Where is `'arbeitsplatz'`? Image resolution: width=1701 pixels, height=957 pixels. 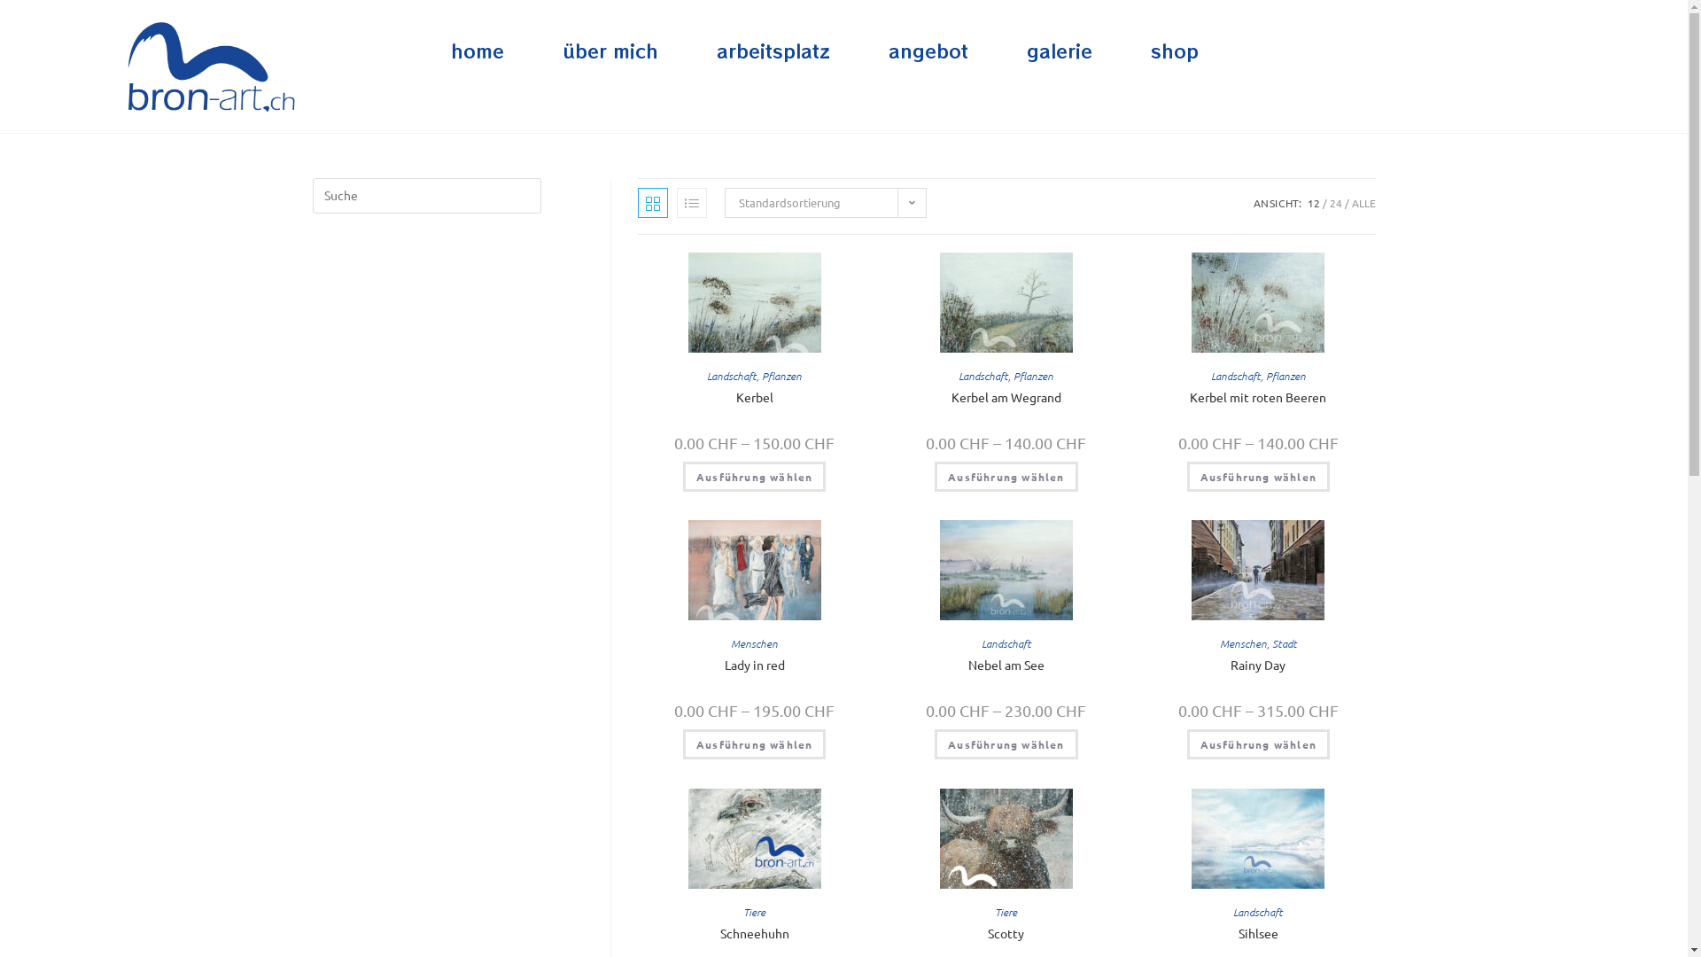 'arbeitsplatz' is located at coordinates (773, 50).